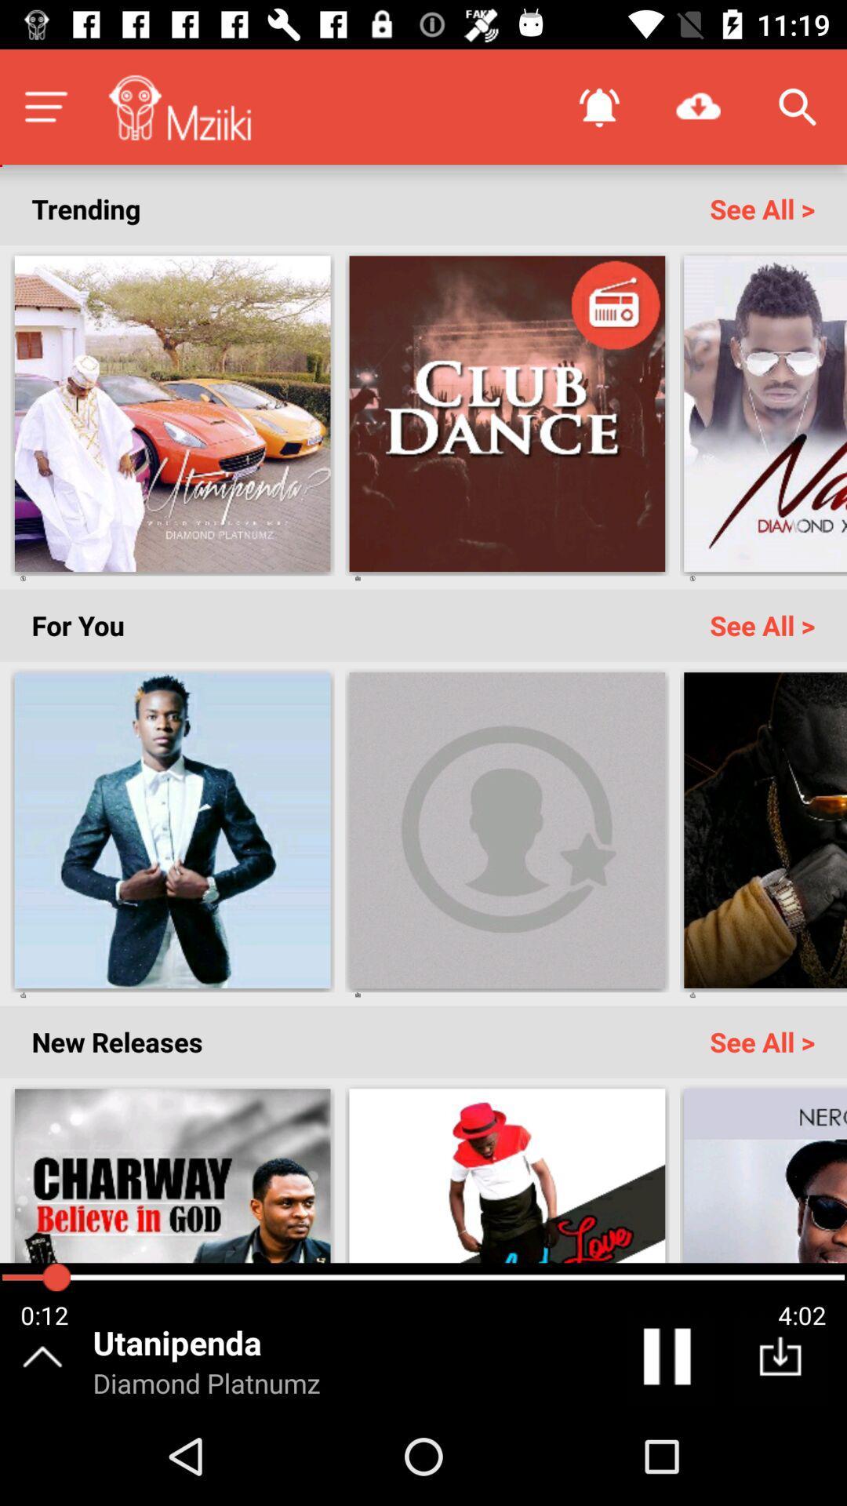 This screenshot has height=1506, width=847. I want to click on pause the track, so click(670, 1359).